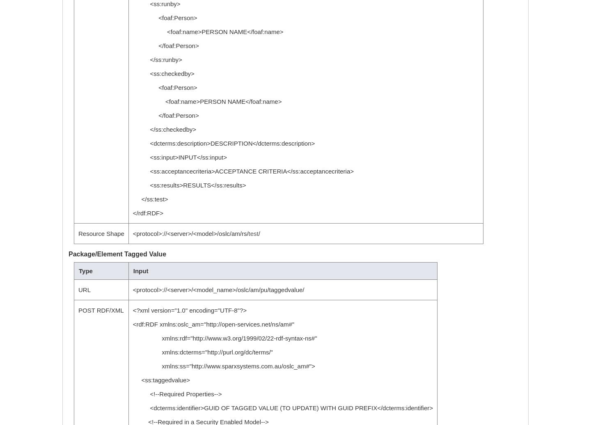  I want to click on '<protocol>://<server>/<model_name>/oslc/am/pu/taggedvalue/', so click(218, 290).